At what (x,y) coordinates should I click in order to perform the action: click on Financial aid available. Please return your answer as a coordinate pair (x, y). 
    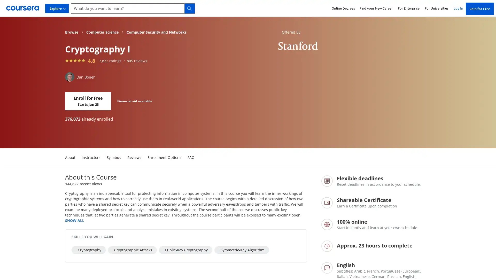
    Looking at the image, I should click on (135, 101).